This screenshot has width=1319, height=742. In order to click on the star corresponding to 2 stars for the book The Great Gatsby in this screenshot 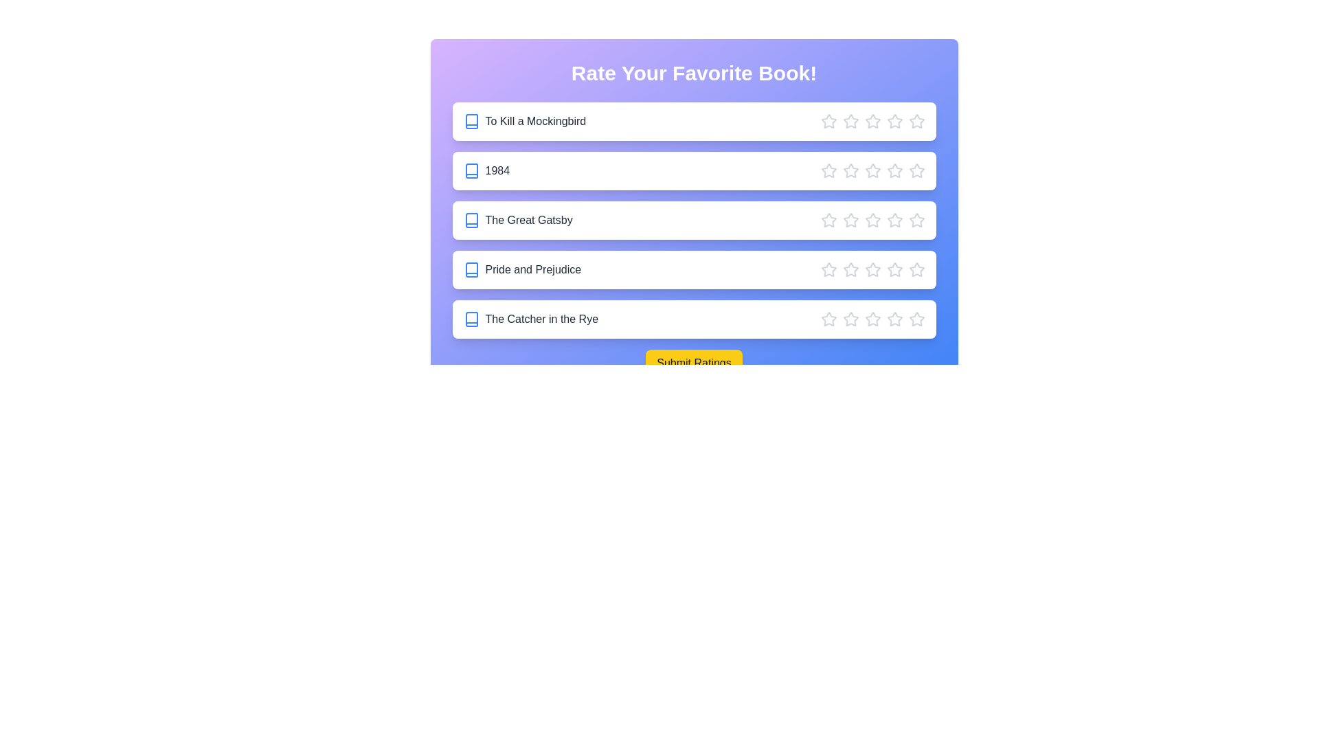, I will do `click(850, 219)`.